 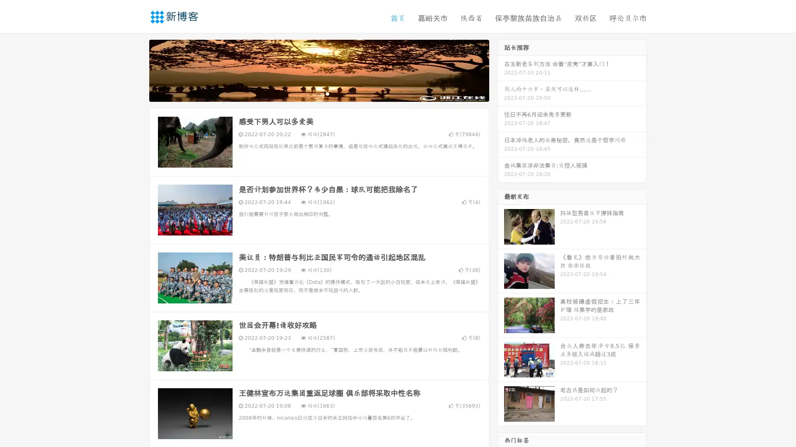 I want to click on Go to slide 3, so click(x=327, y=93).